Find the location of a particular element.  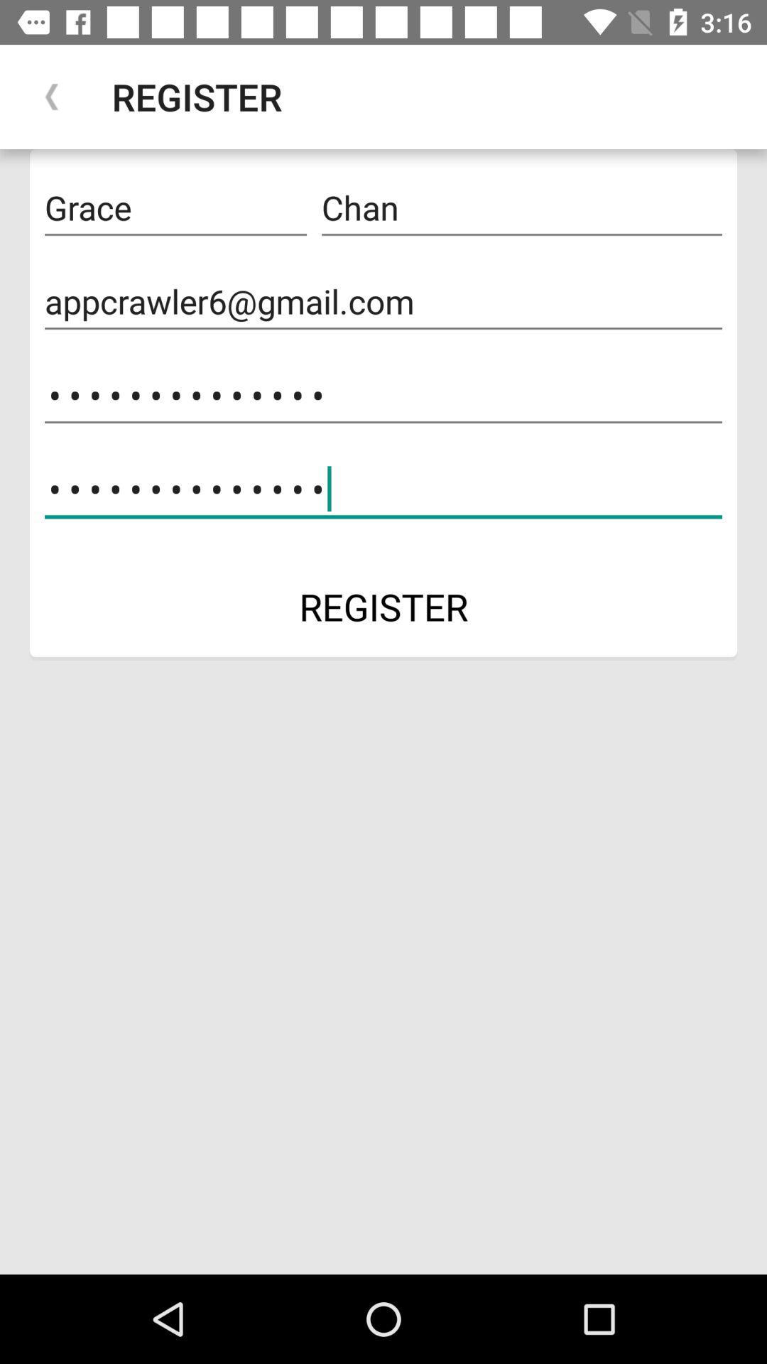

the item next to the grace icon is located at coordinates (522, 207).